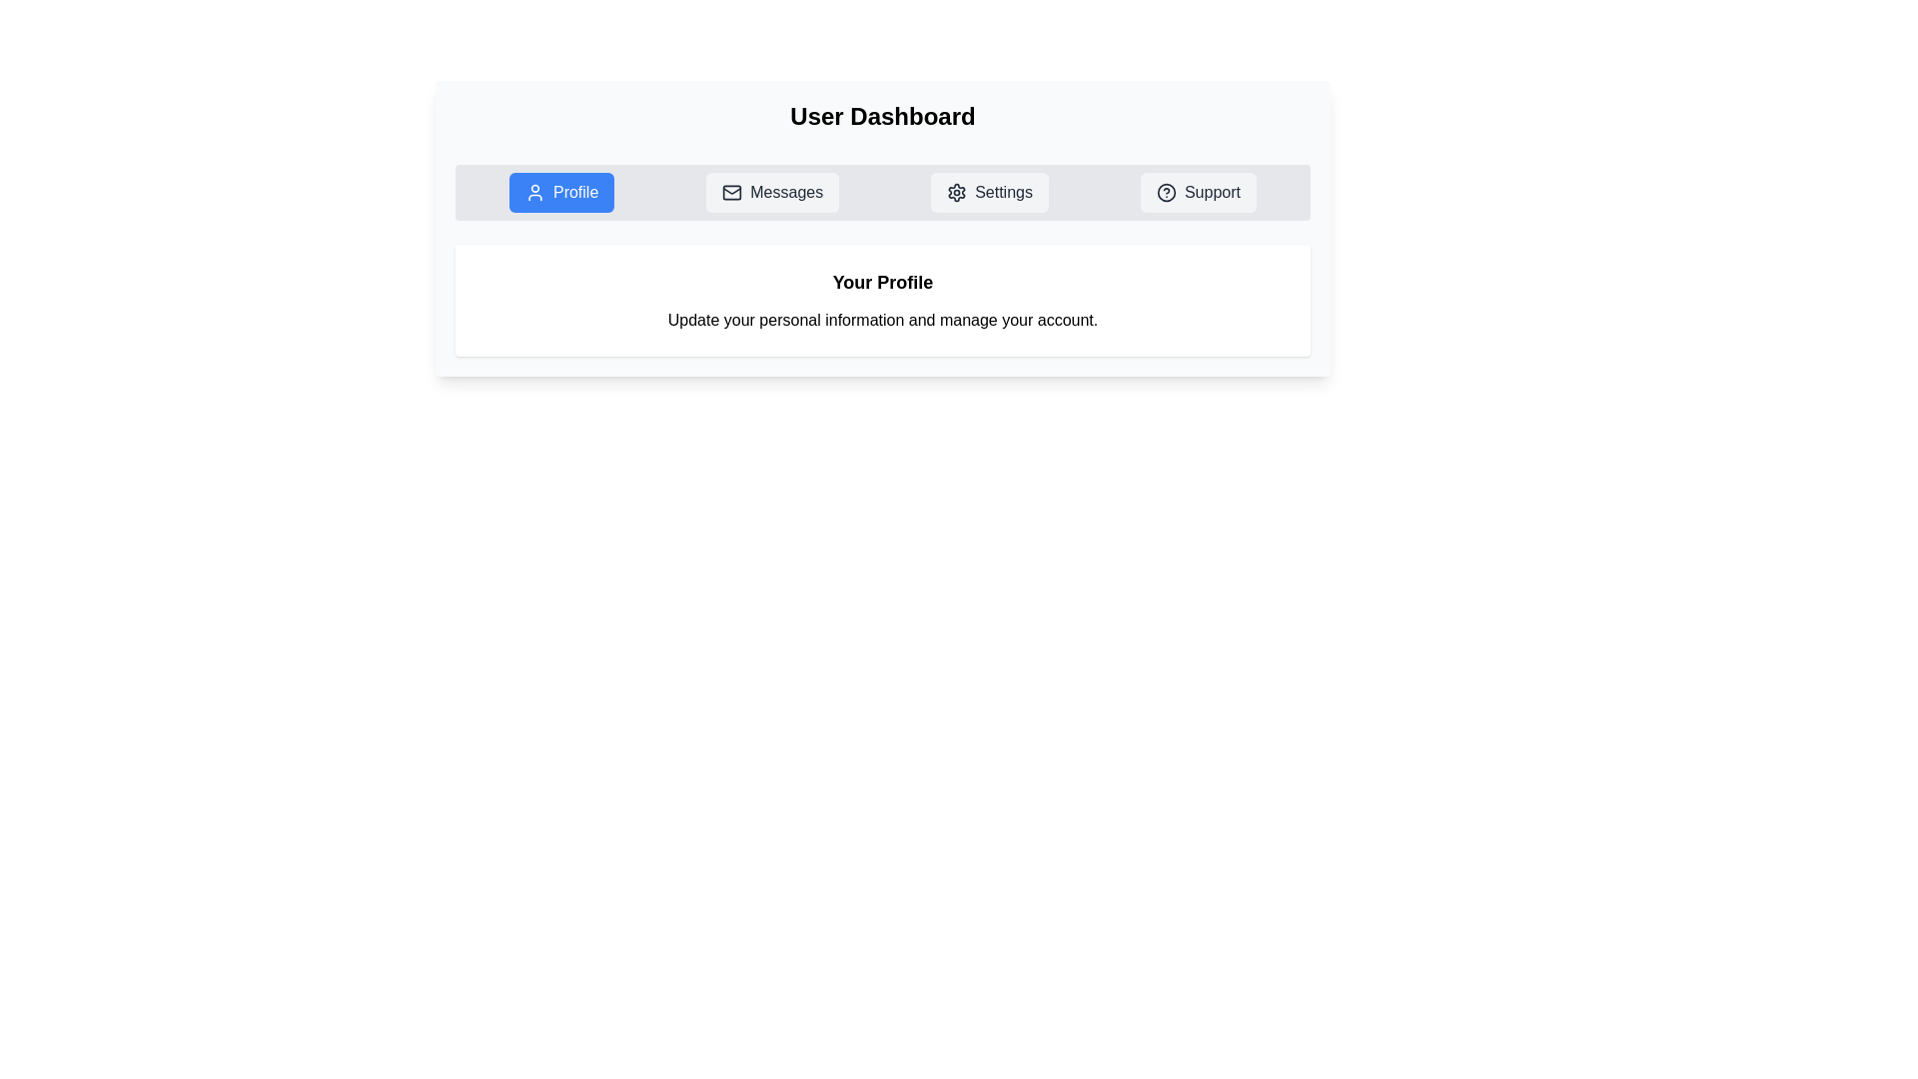 Image resolution: width=1918 pixels, height=1079 pixels. What do you see at coordinates (881, 319) in the screenshot?
I see `descriptive text element that provides an overview for the 'Your Profile' section, located prominently in the center of the interface` at bounding box center [881, 319].